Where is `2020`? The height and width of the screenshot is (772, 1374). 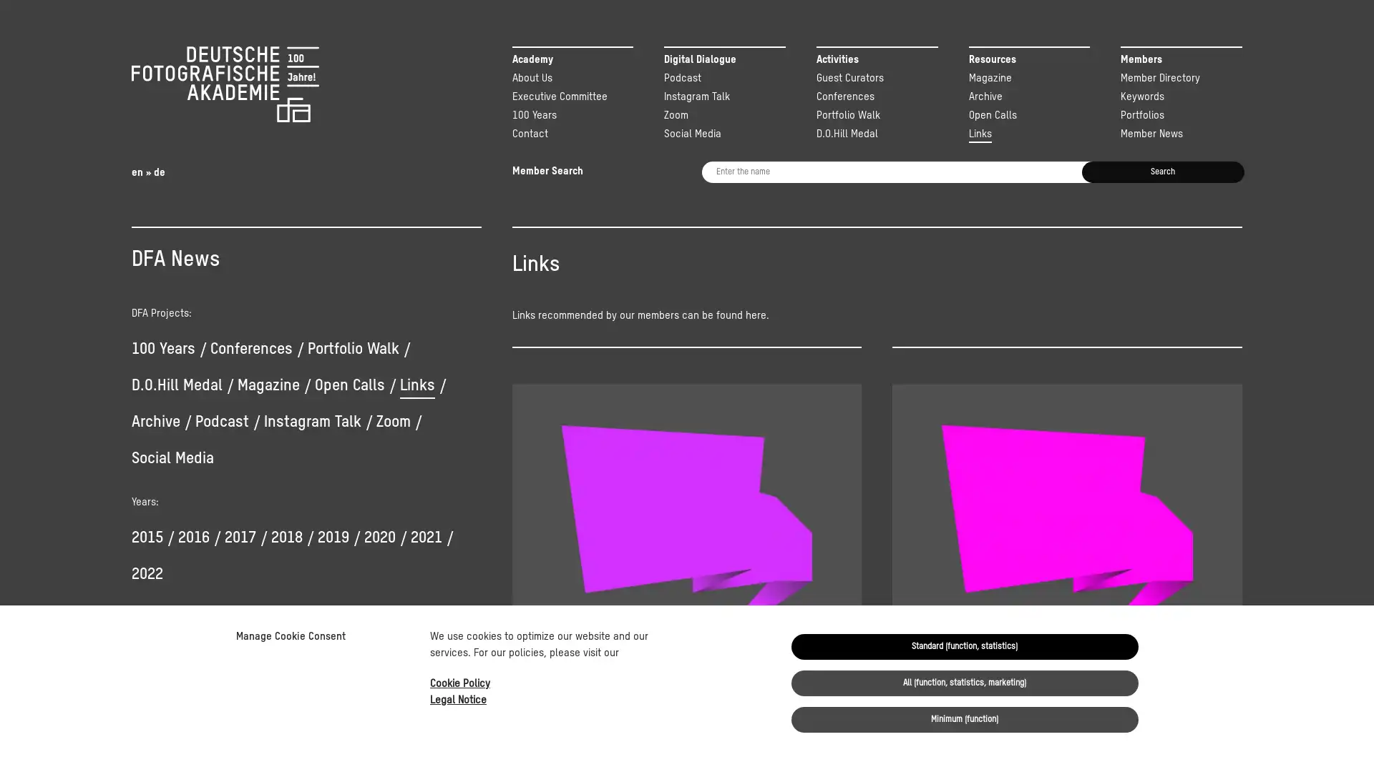
2020 is located at coordinates (380, 538).